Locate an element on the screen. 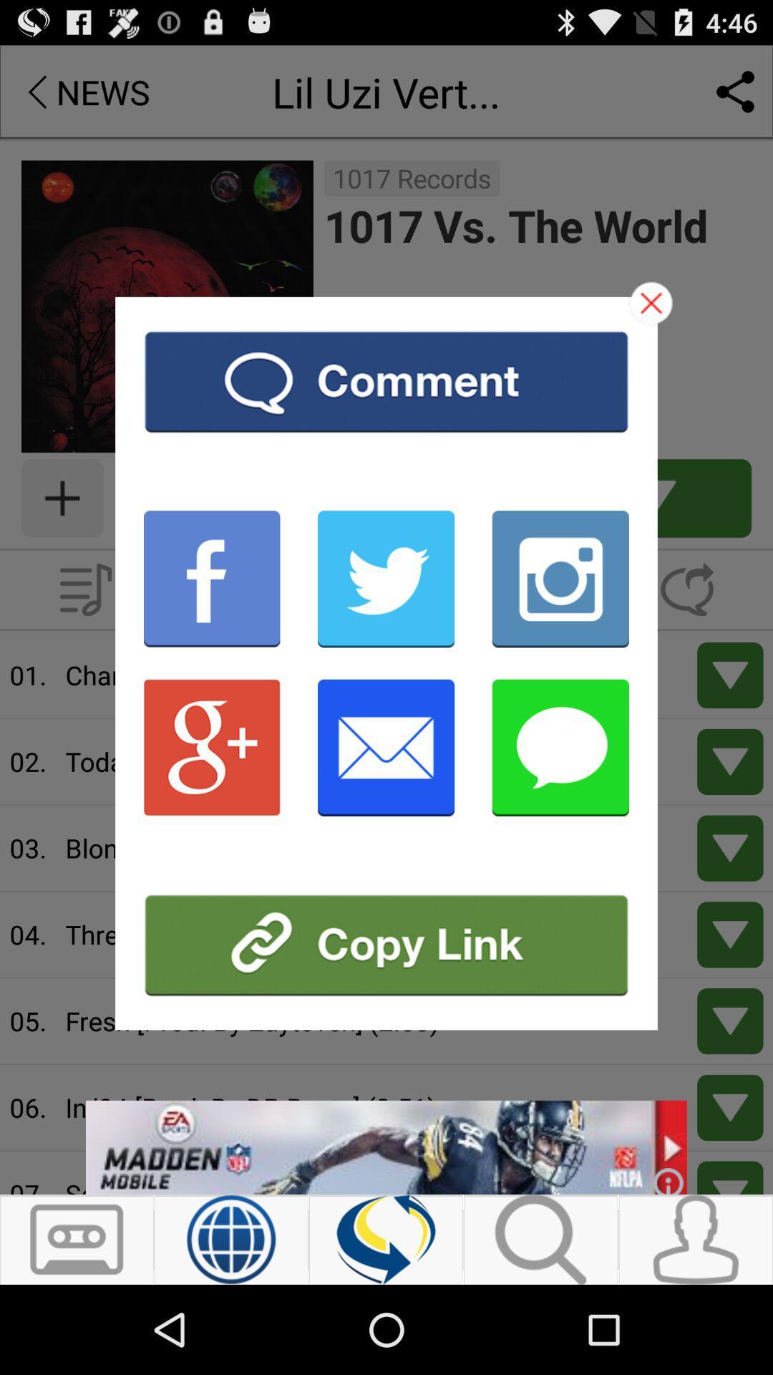 The image size is (773, 1375). social media g+ is located at coordinates (212, 746).